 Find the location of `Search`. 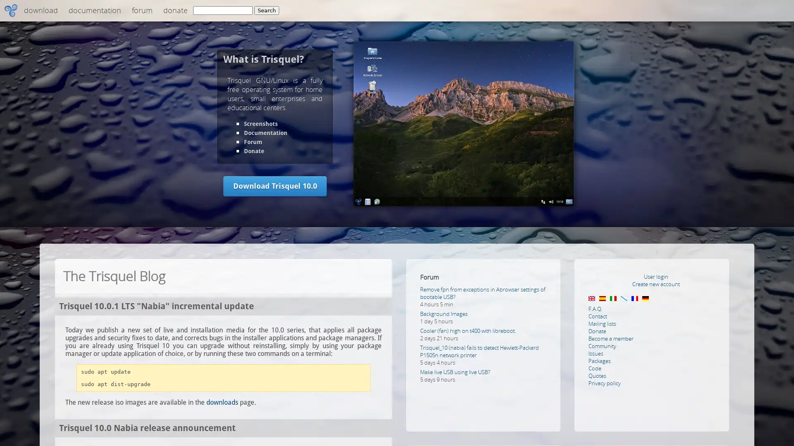

Search is located at coordinates (266, 10).